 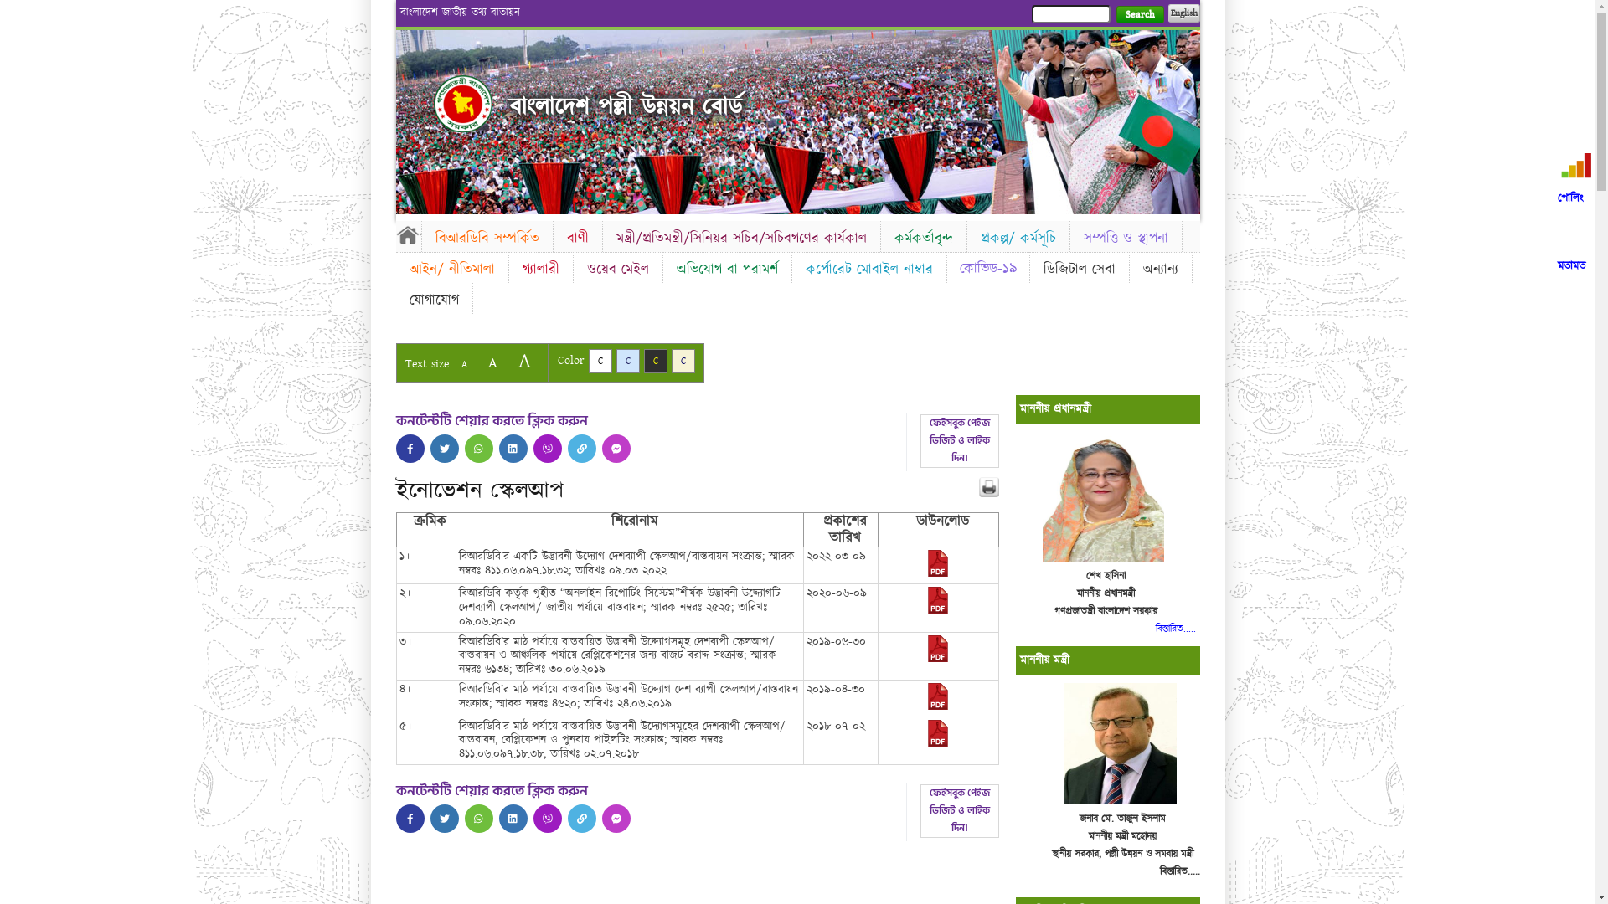 What do you see at coordinates (1139, 14) in the screenshot?
I see `'Search'` at bounding box center [1139, 14].